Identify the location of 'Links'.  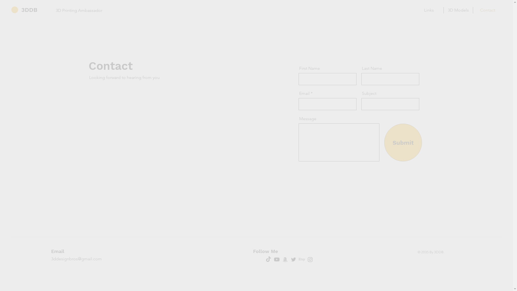
(428, 10).